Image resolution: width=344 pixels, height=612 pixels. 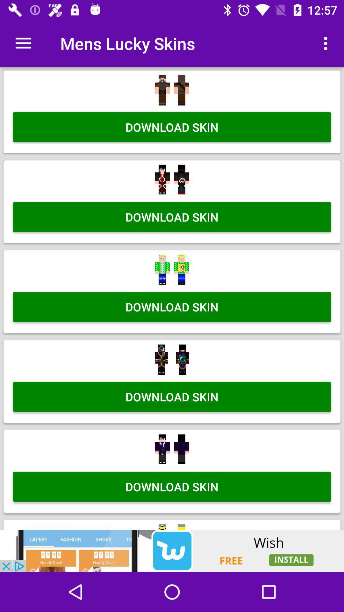 I want to click on advertisement for installing wish, so click(x=172, y=550).